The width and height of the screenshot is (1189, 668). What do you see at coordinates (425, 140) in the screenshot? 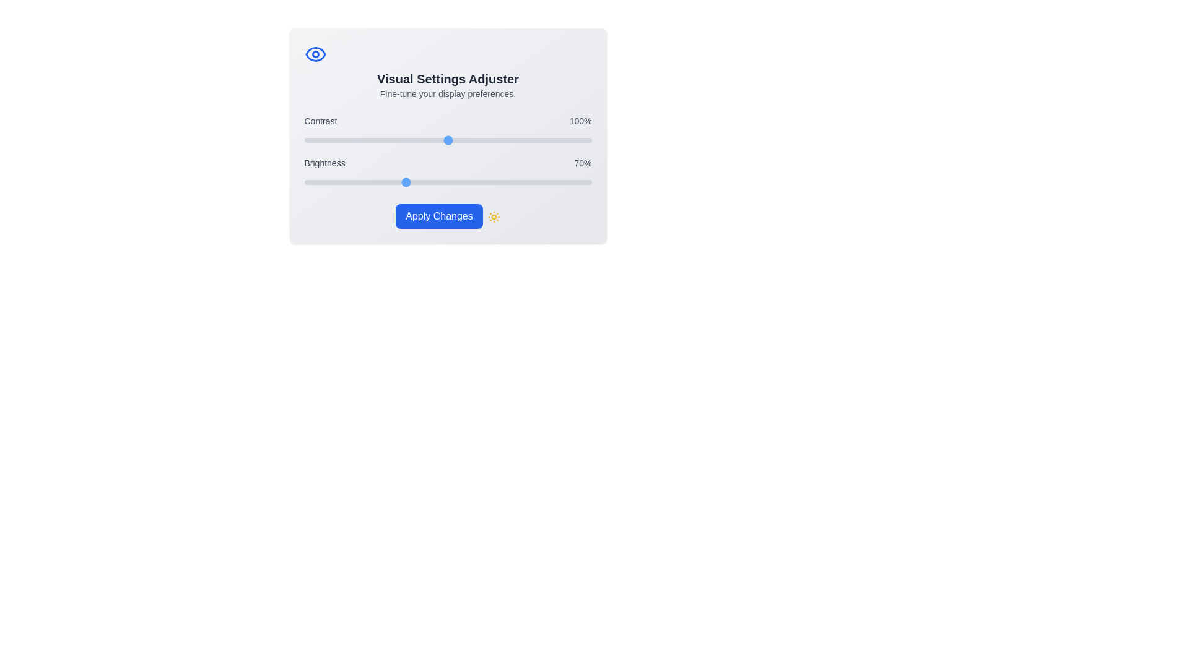
I see `the 'Contrast' slider to 84% by dragging the slider to the corresponding position` at bounding box center [425, 140].